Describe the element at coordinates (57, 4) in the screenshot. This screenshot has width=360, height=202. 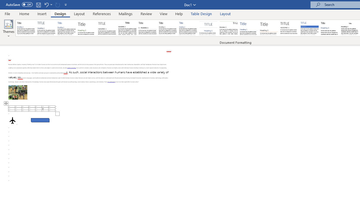
I see `'Can'` at that location.